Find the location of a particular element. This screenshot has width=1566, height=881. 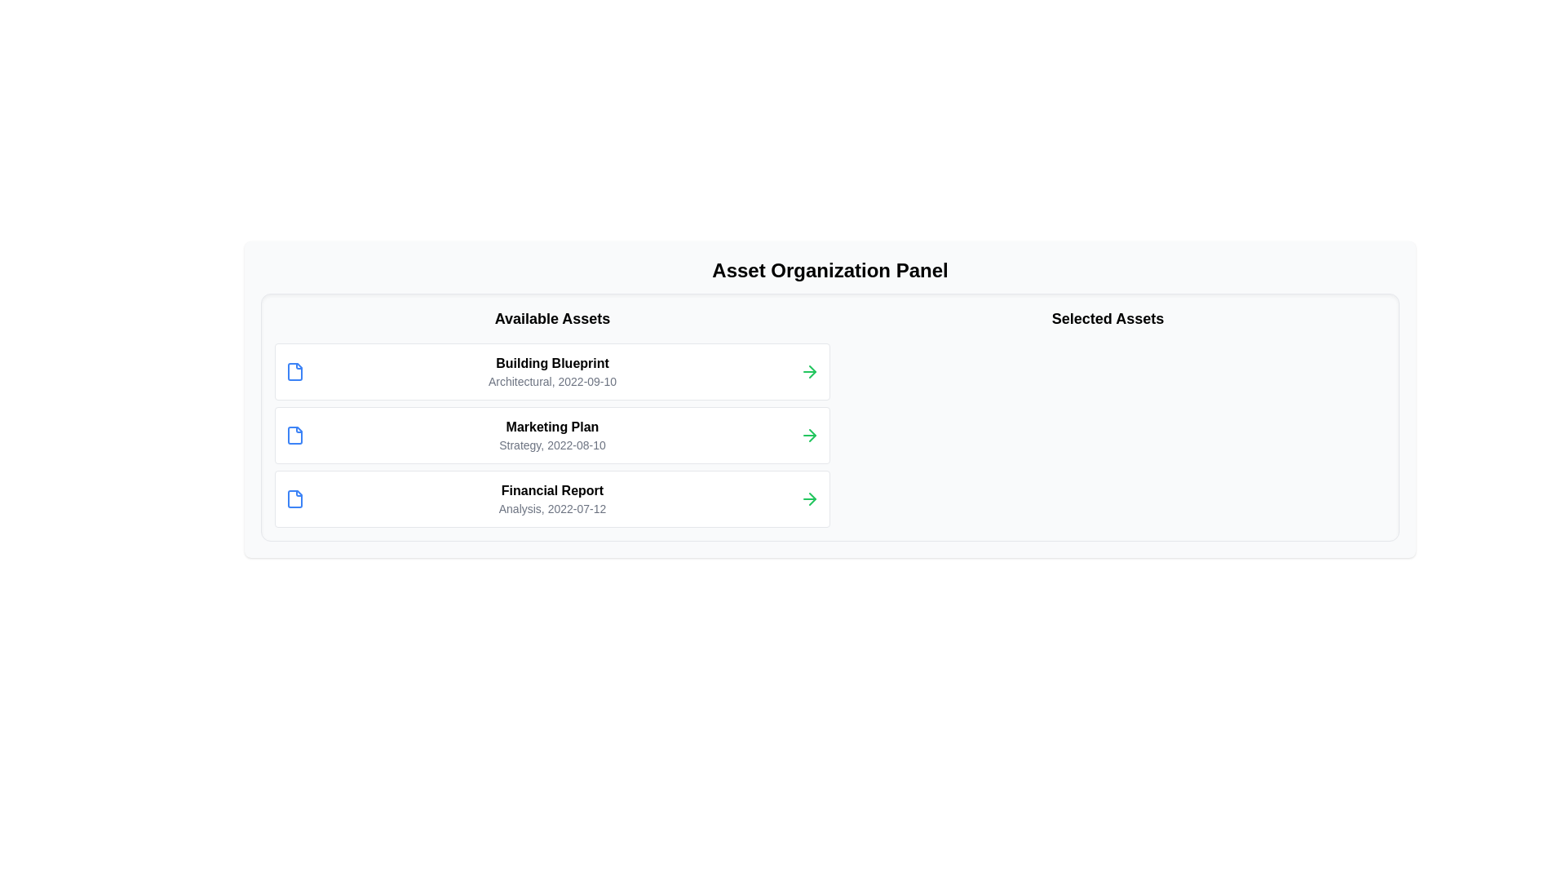

the text label displaying 'Analysis, 2022-07-12' located beneath the 'Financial Report' heading in the 'Available Assets' section is located at coordinates (552, 508).